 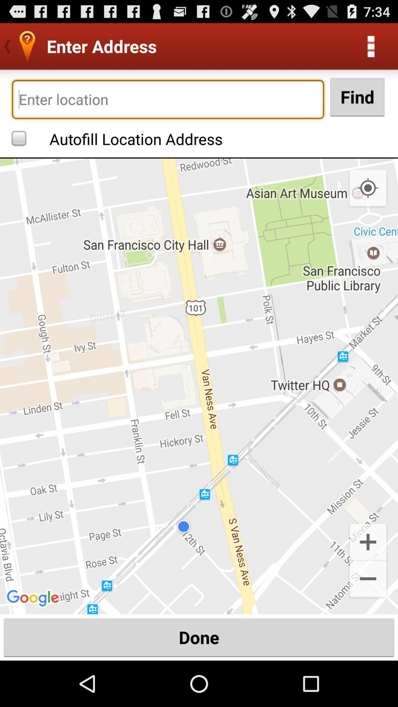 What do you see at coordinates (199, 386) in the screenshot?
I see `the item at the center` at bounding box center [199, 386].